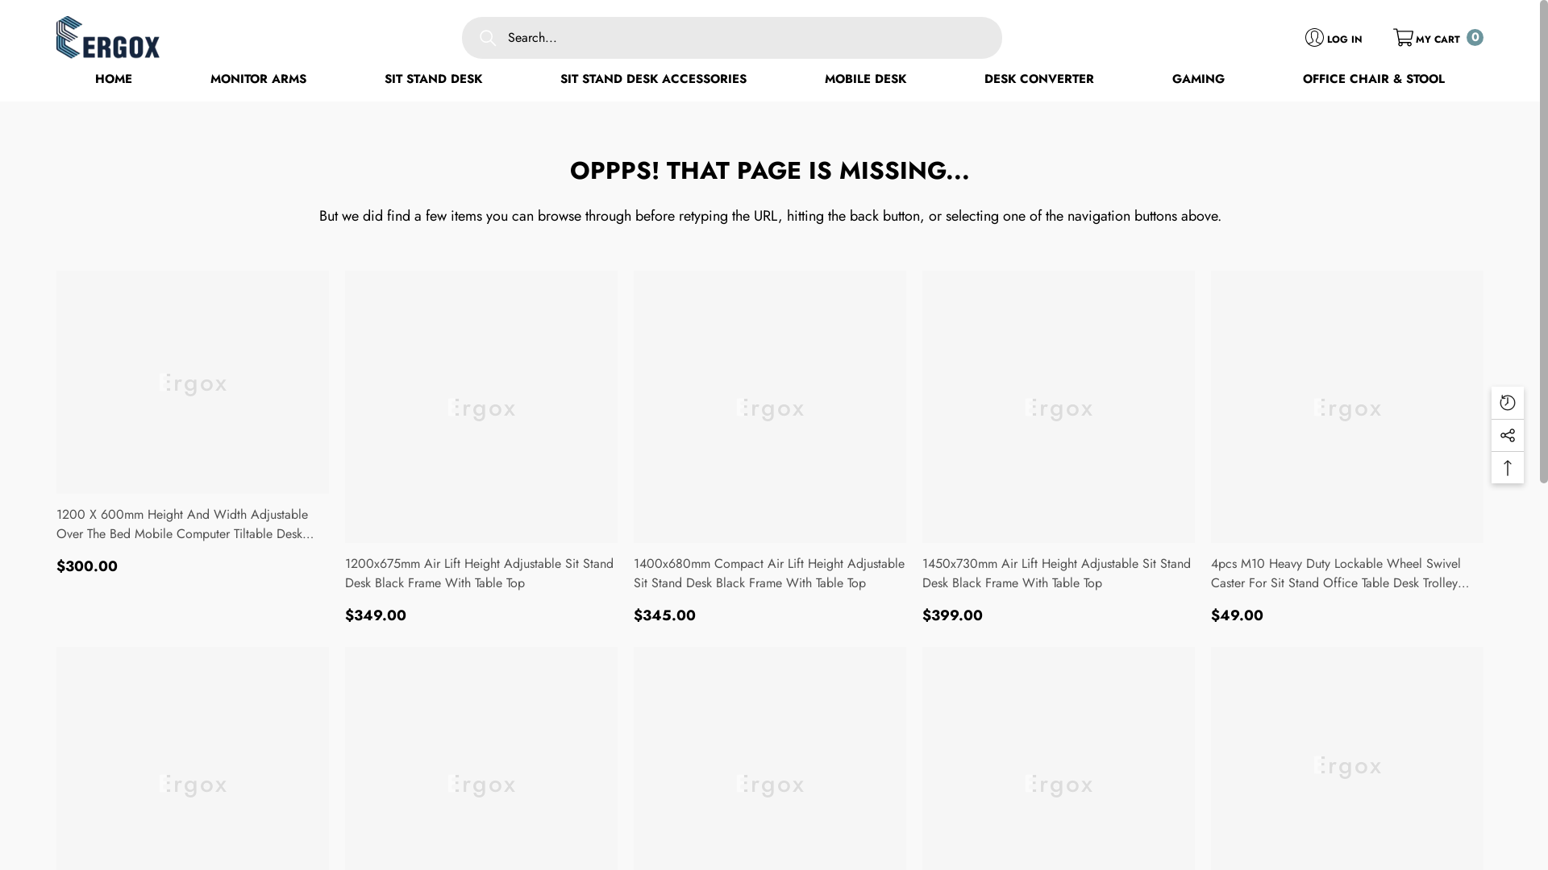 The height and width of the screenshot is (870, 1548). Describe the element at coordinates (1334, 36) in the screenshot. I see `'LOG IN` at that location.